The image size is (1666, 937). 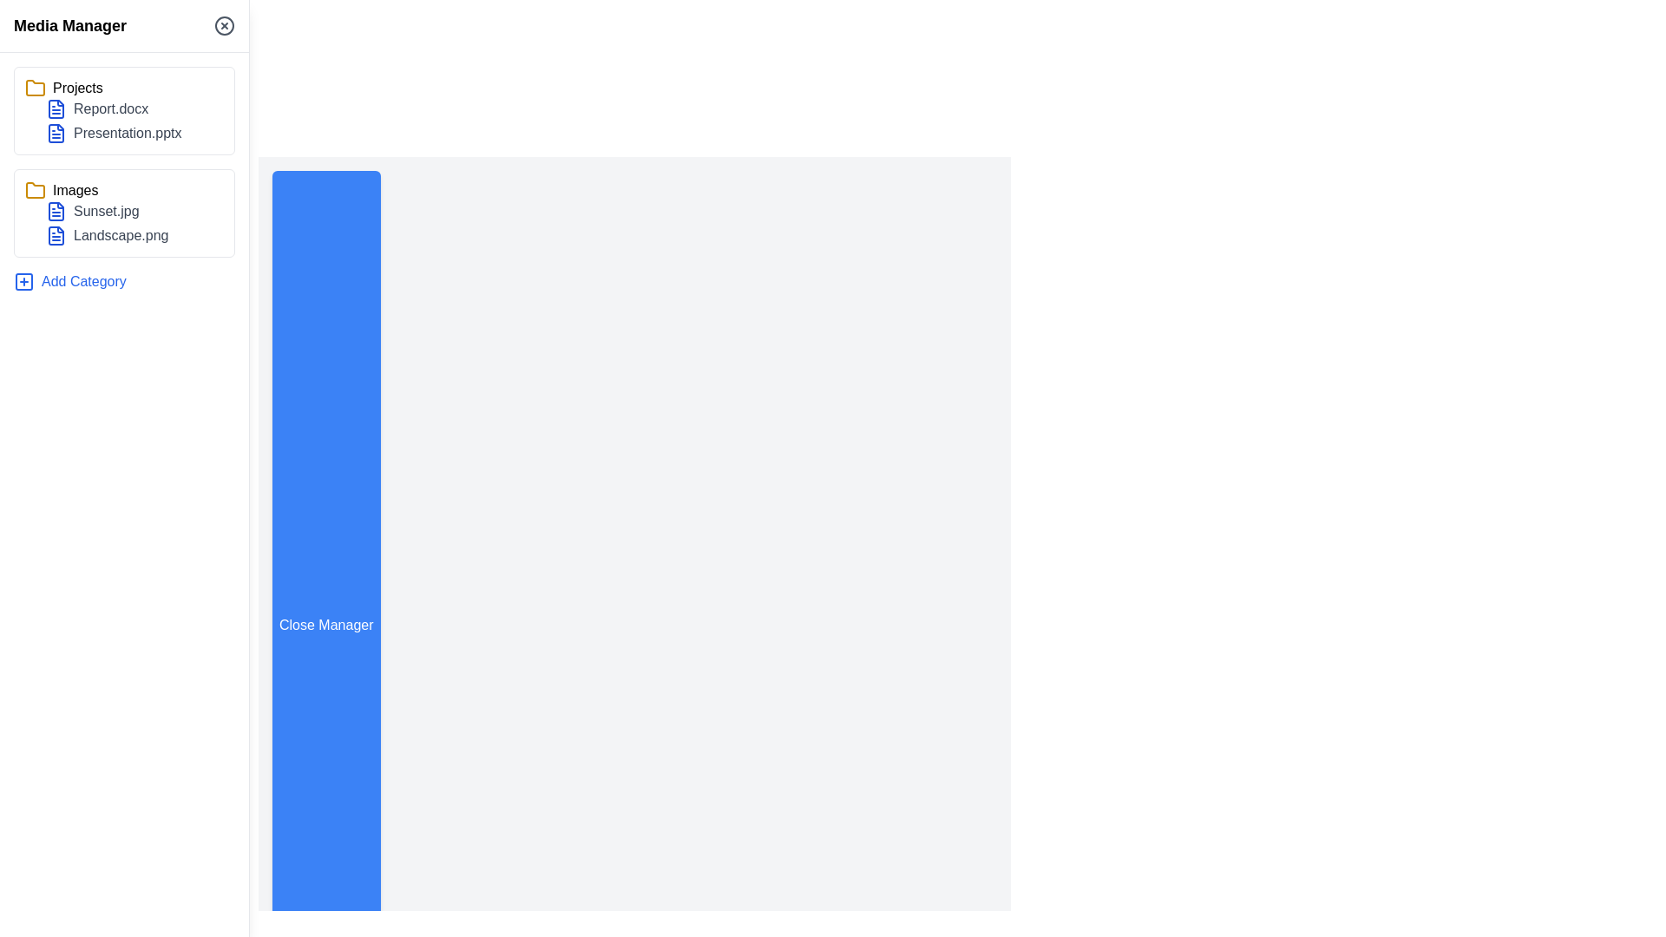 What do you see at coordinates (134, 109) in the screenshot?
I see `to select the list item labeled 'Report.docx' with a blue file icon in the 'Projects' folder section` at bounding box center [134, 109].